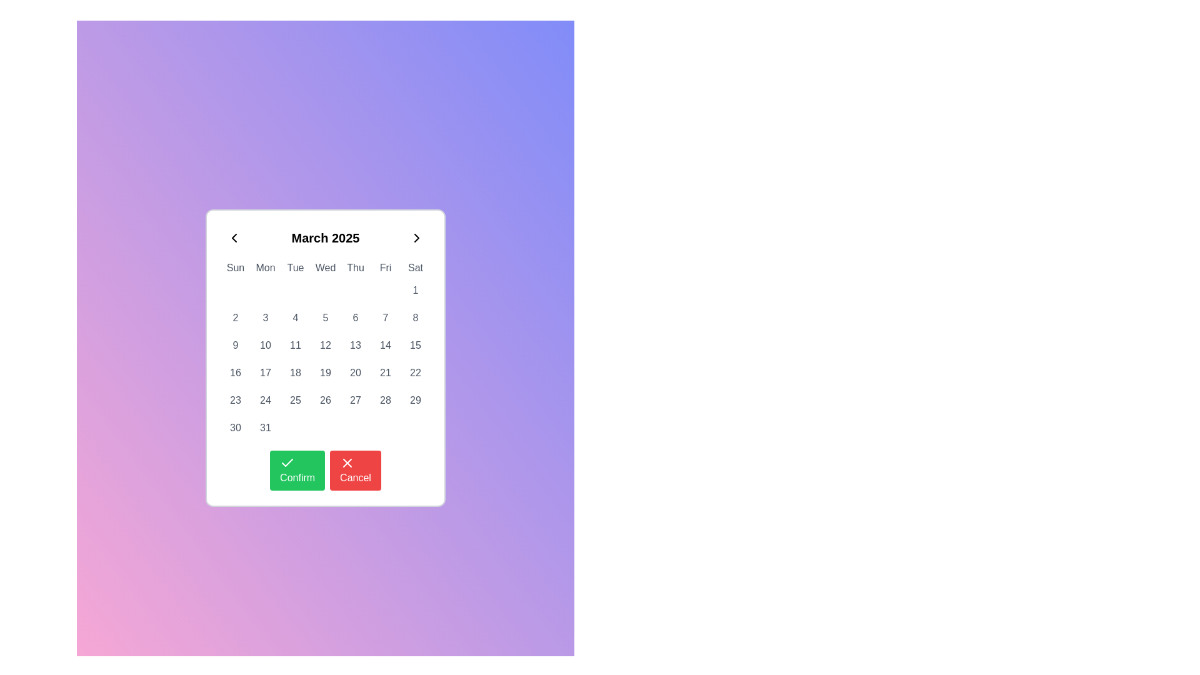  What do you see at coordinates (234, 238) in the screenshot?
I see `the leftward-pointing chevron arrow icon located in the calendar header next to the title 'March 2025'` at bounding box center [234, 238].